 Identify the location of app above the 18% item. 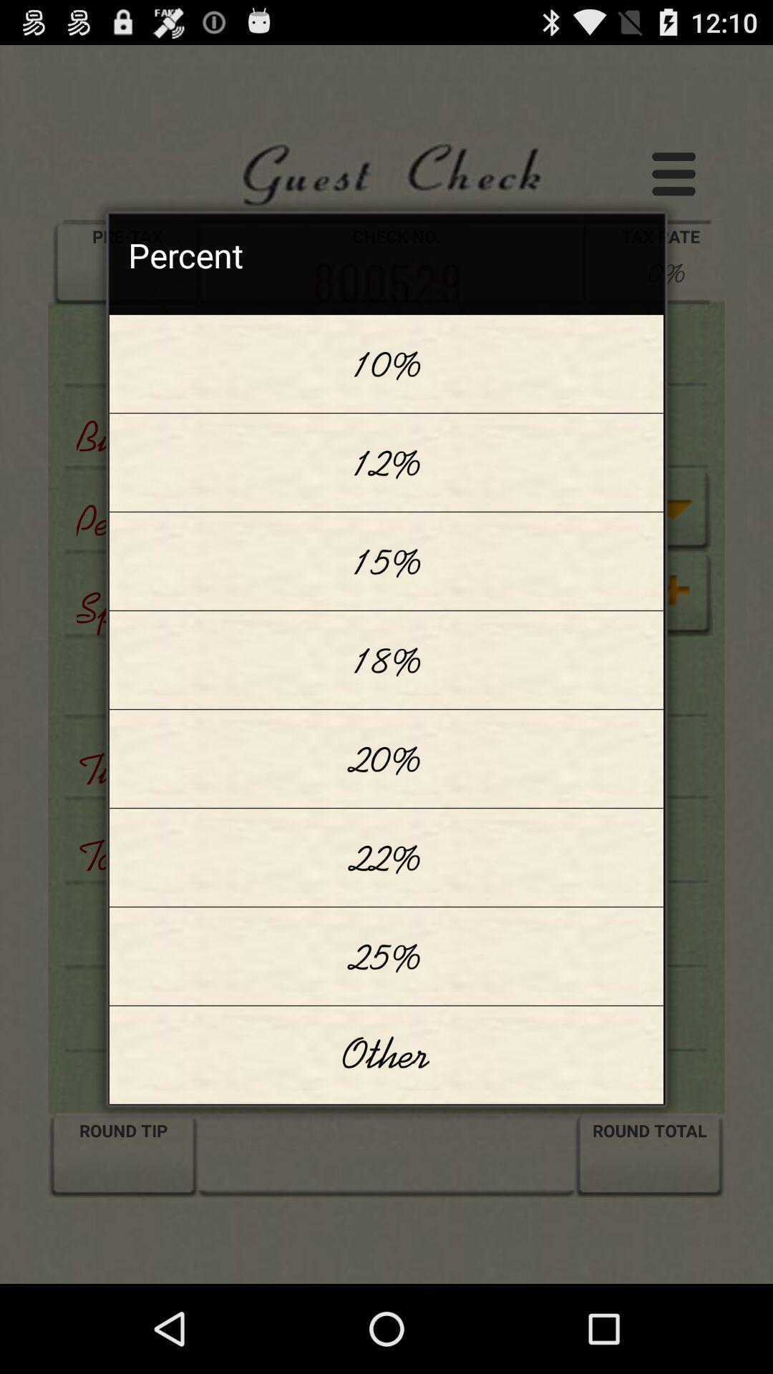
(386, 560).